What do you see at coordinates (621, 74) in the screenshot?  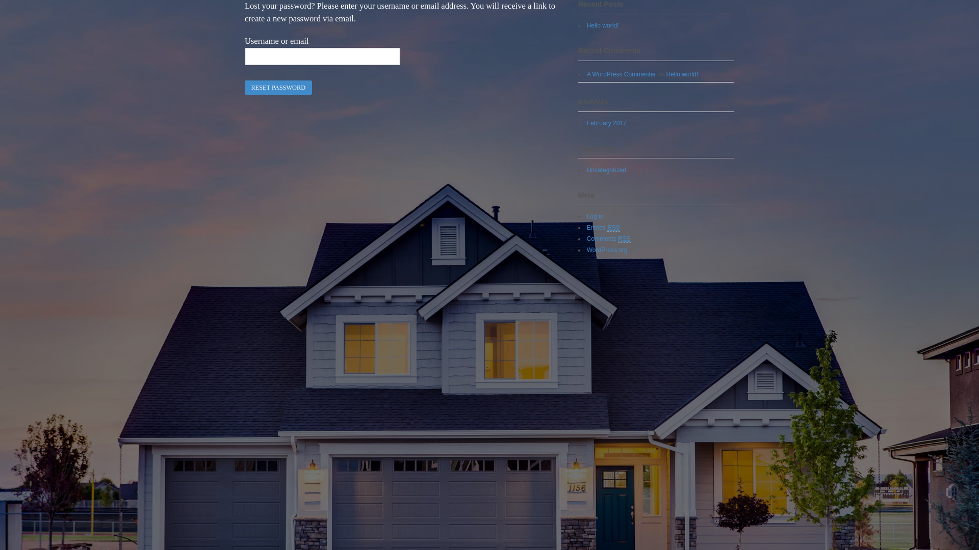 I see `'A WordPress Commenter'` at bounding box center [621, 74].